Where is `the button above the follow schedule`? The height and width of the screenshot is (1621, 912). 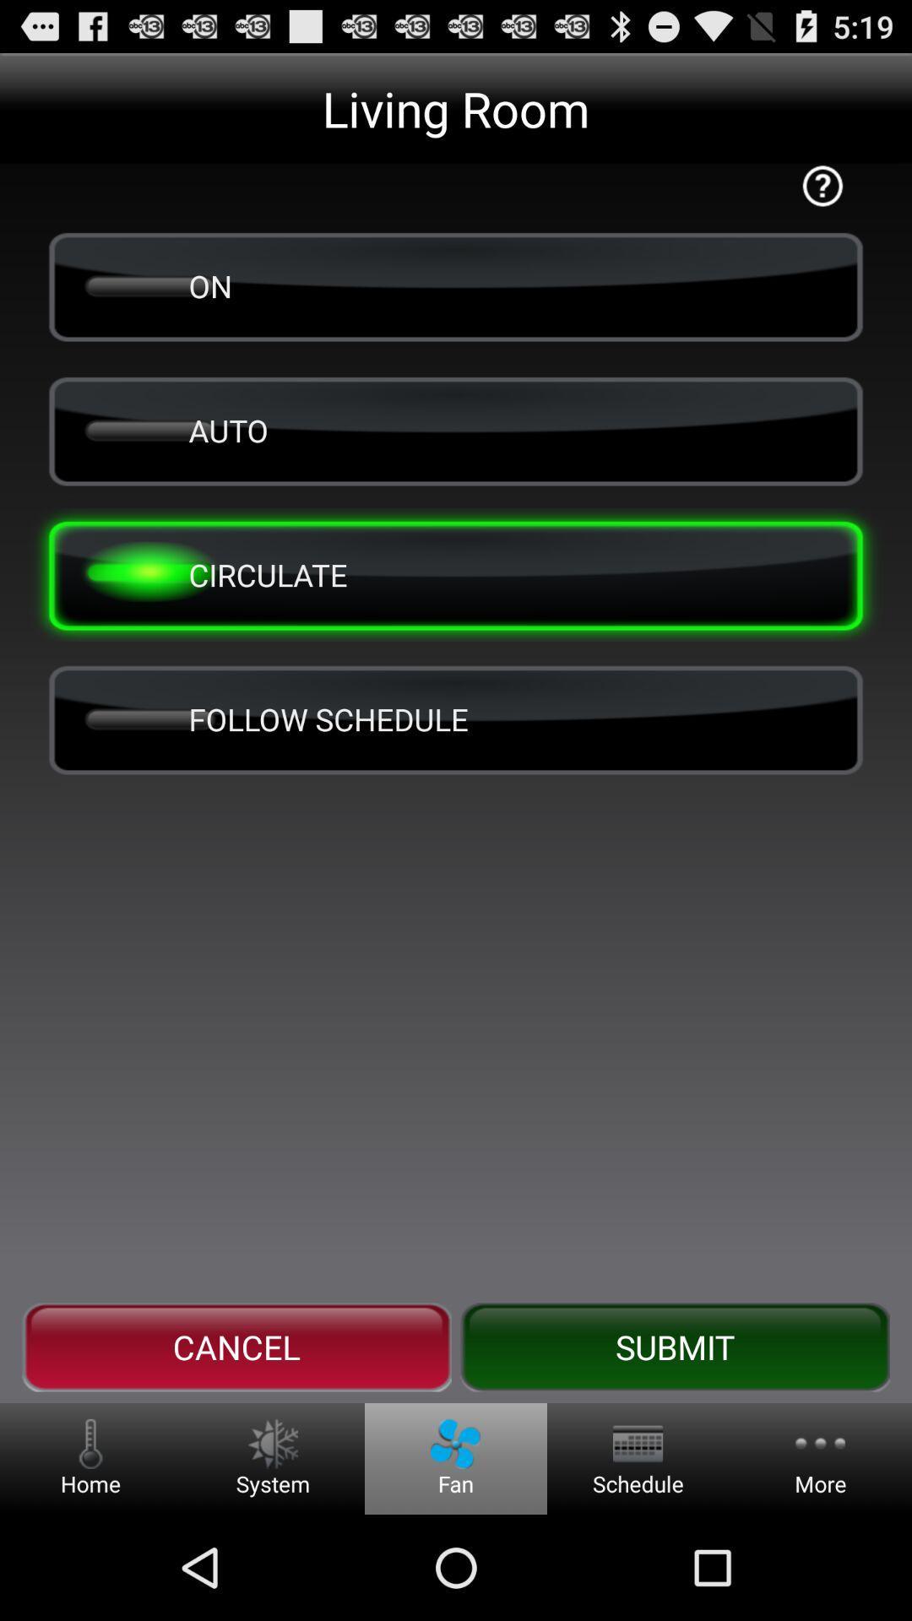
the button above the follow schedule is located at coordinates (456, 575).